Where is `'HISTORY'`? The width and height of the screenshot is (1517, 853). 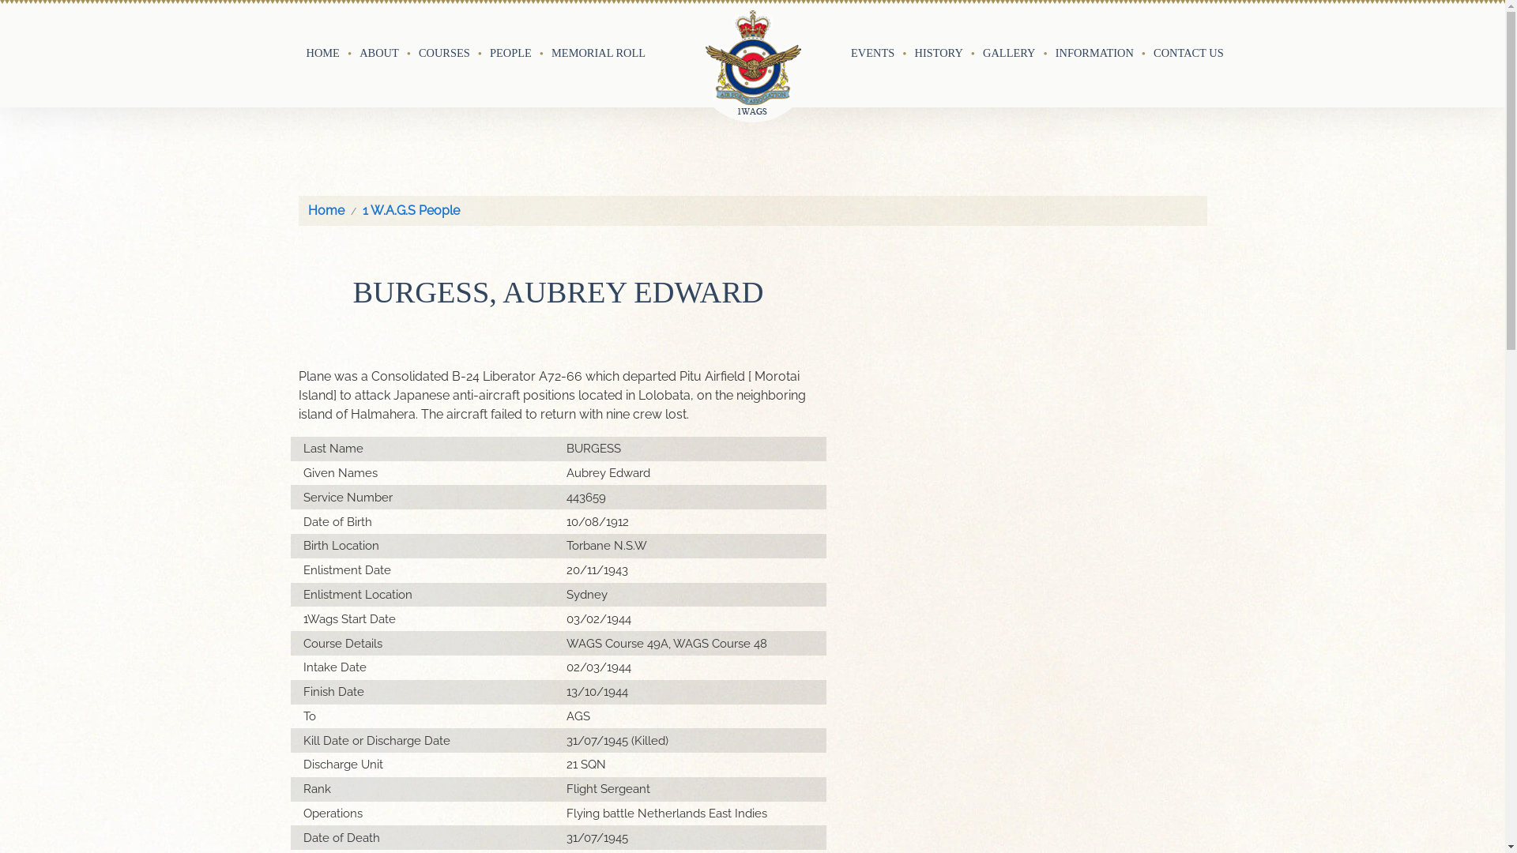
'HISTORY' is located at coordinates (939, 52).